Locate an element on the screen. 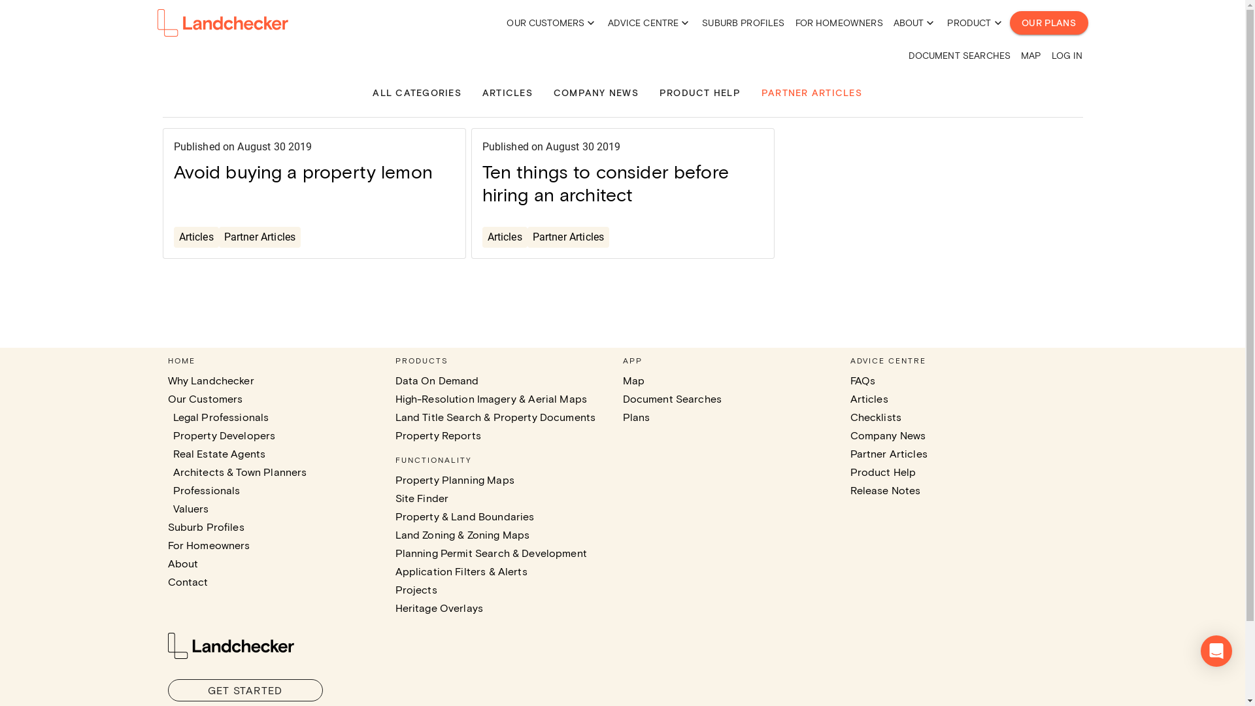 This screenshot has width=1255, height=706. 'Product Help' is located at coordinates (882, 472).